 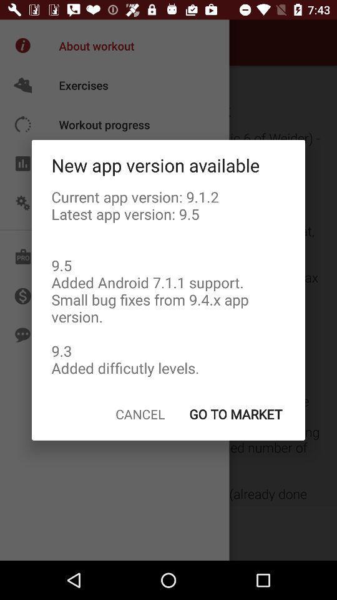 What do you see at coordinates (139, 414) in the screenshot?
I see `item below the current app version item` at bounding box center [139, 414].